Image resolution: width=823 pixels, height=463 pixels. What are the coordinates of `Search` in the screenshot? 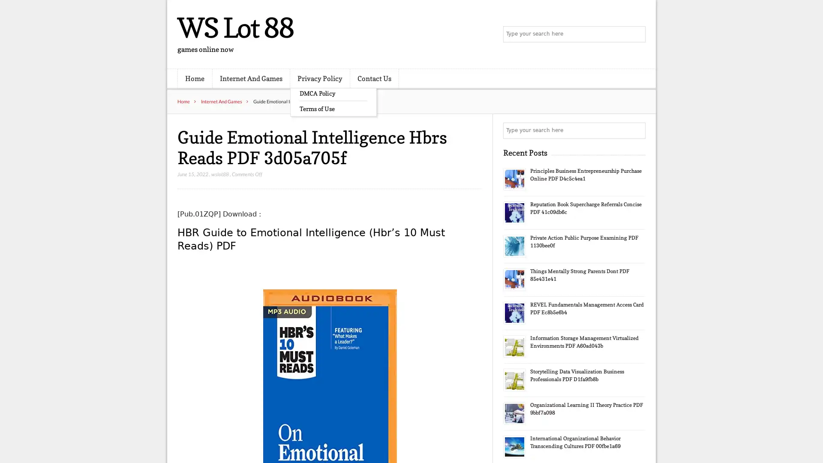 It's located at (637, 130).